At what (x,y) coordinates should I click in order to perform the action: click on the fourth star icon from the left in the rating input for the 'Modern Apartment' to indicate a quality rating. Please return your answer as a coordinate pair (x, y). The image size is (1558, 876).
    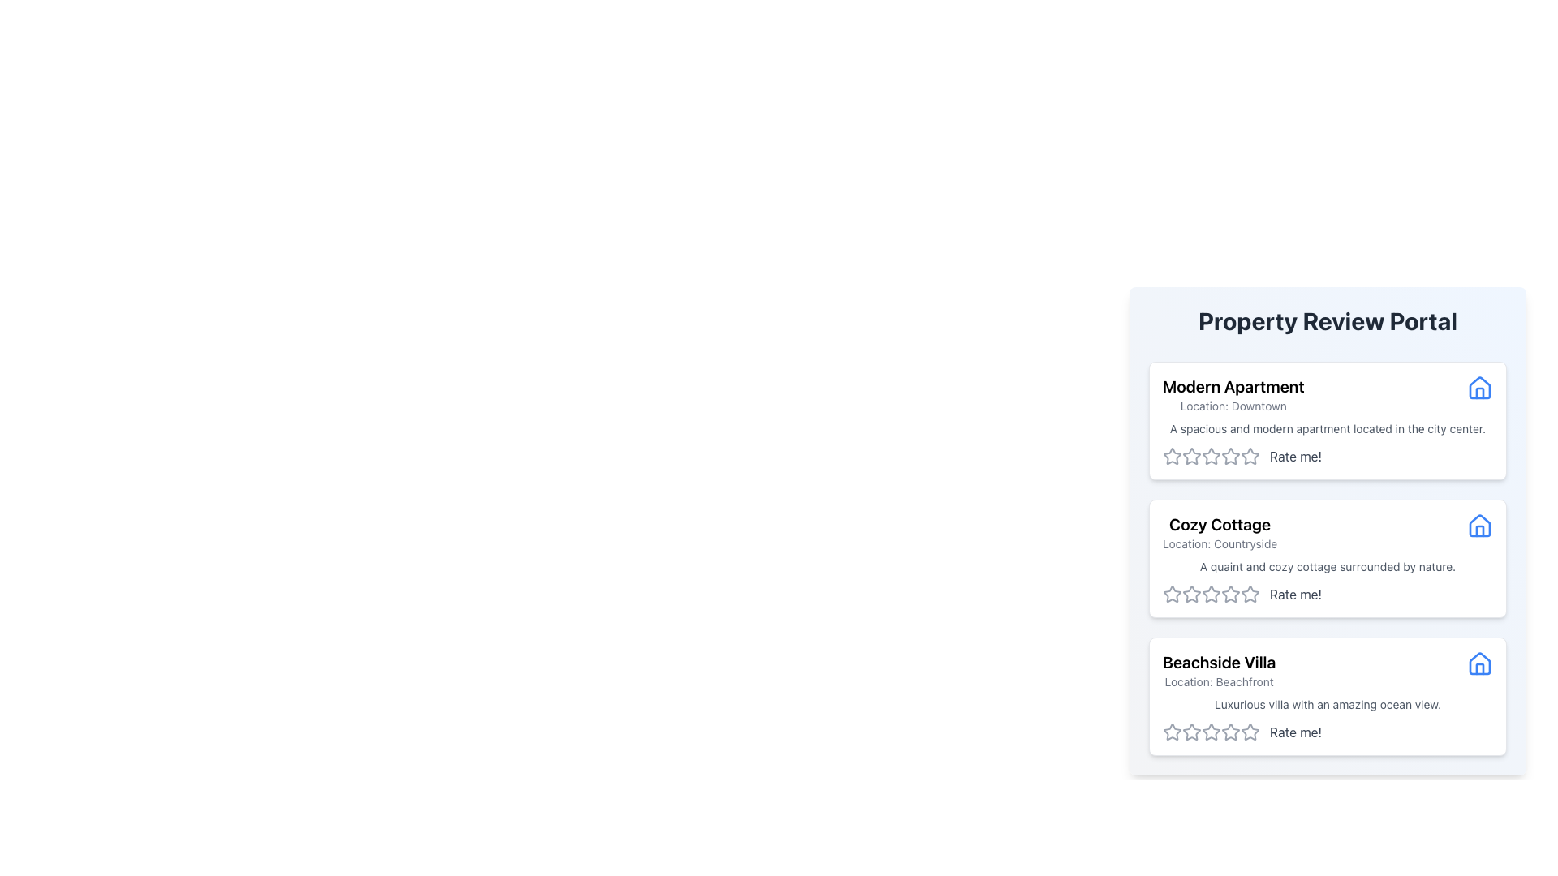
    Looking at the image, I should click on (1249, 456).